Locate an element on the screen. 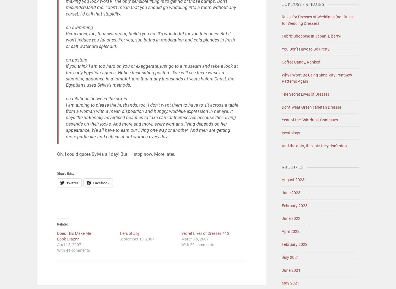 The width and height of the screenshot is (396, 289). 'The Secret Lives of Dresses' is located at coordinates (305, 94).